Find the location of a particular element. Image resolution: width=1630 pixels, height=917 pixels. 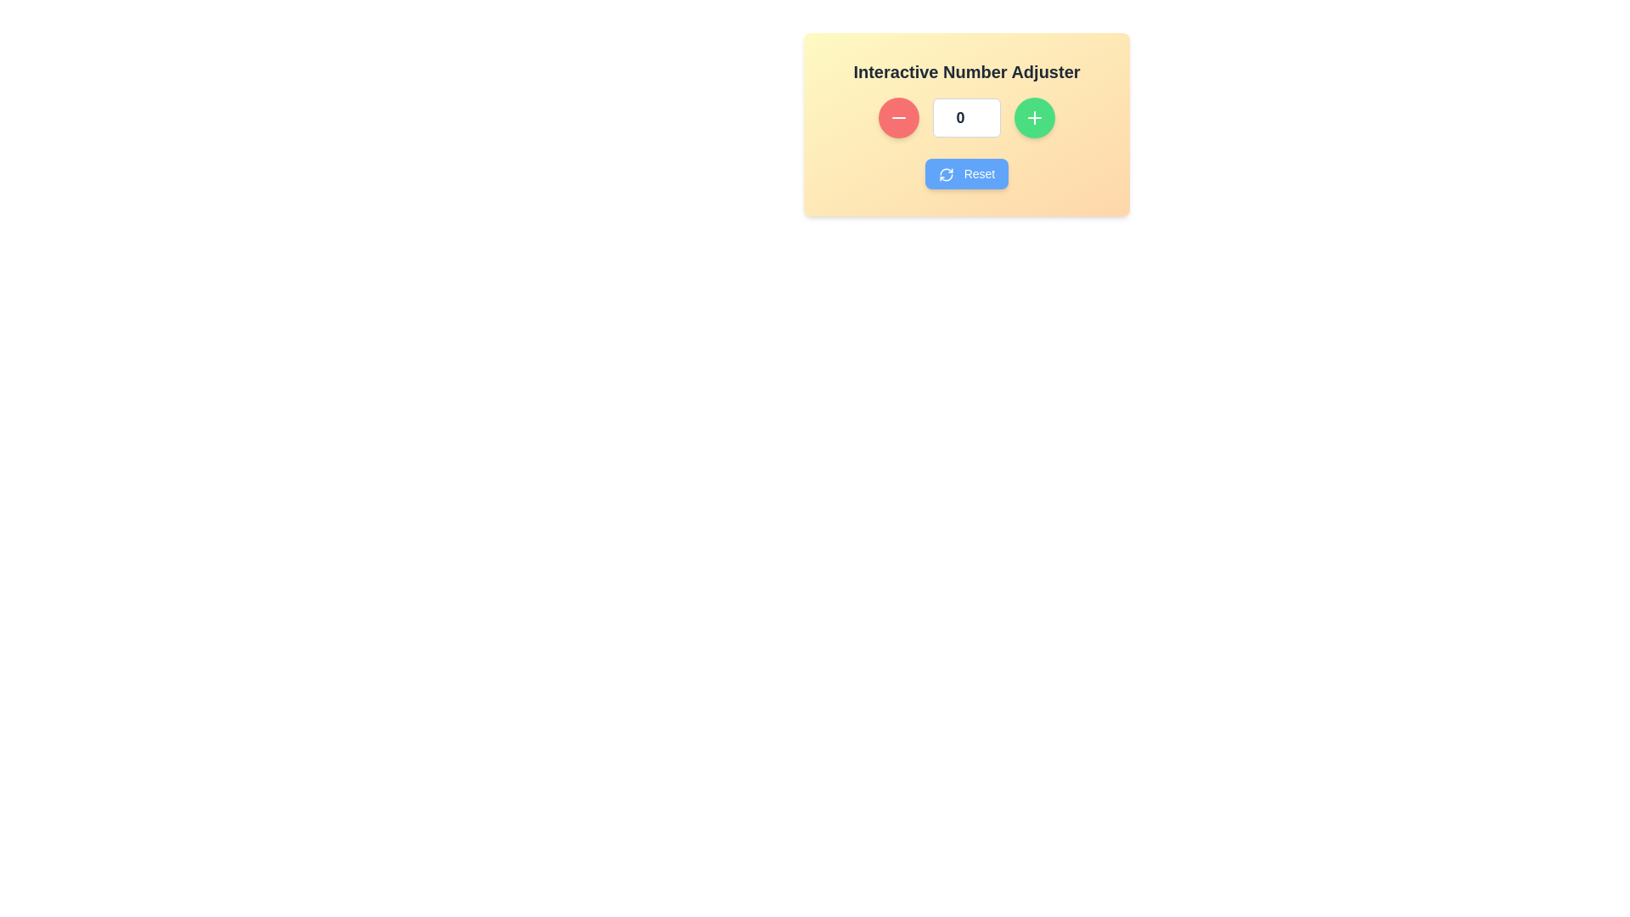

the button located at the top right of the interactive panel to increase the value in the counter box is located at coordinates (1034, 116).